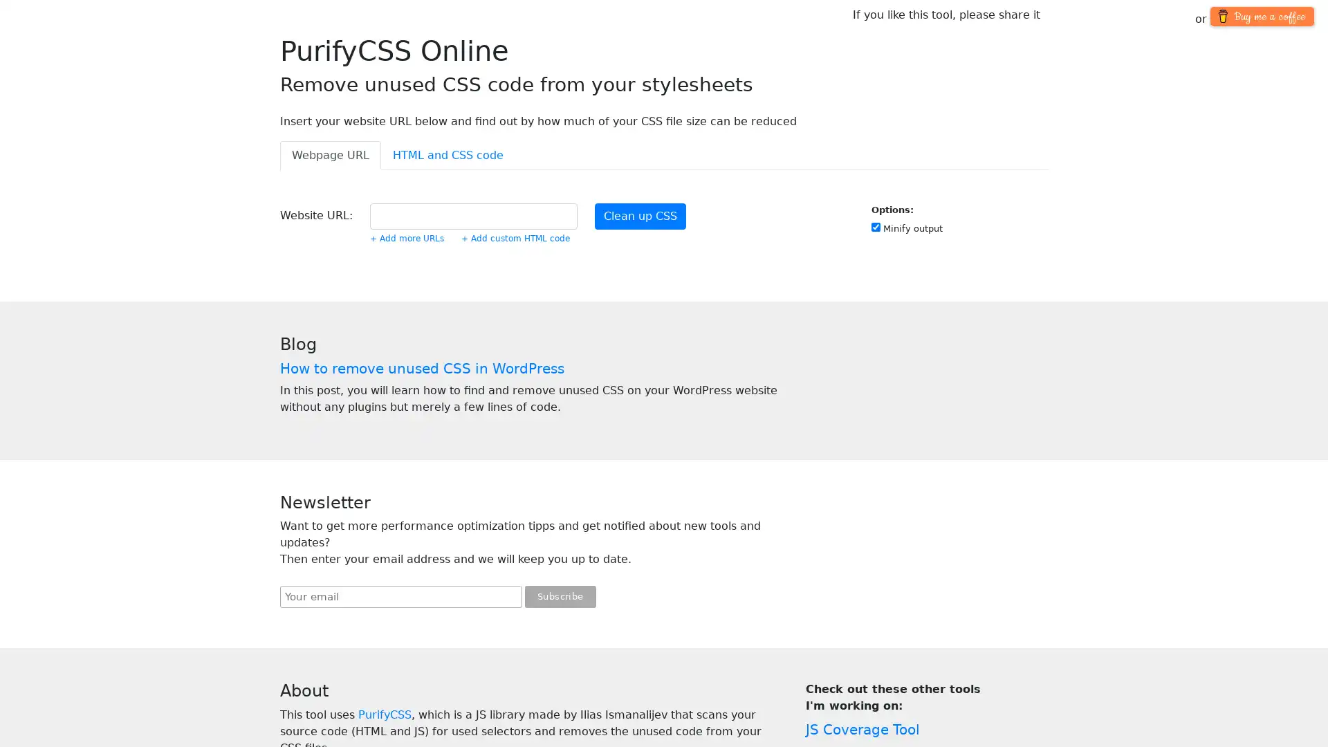 The image size is (1328, 747). I want to click on Clean up CSS, so click(640, 216).